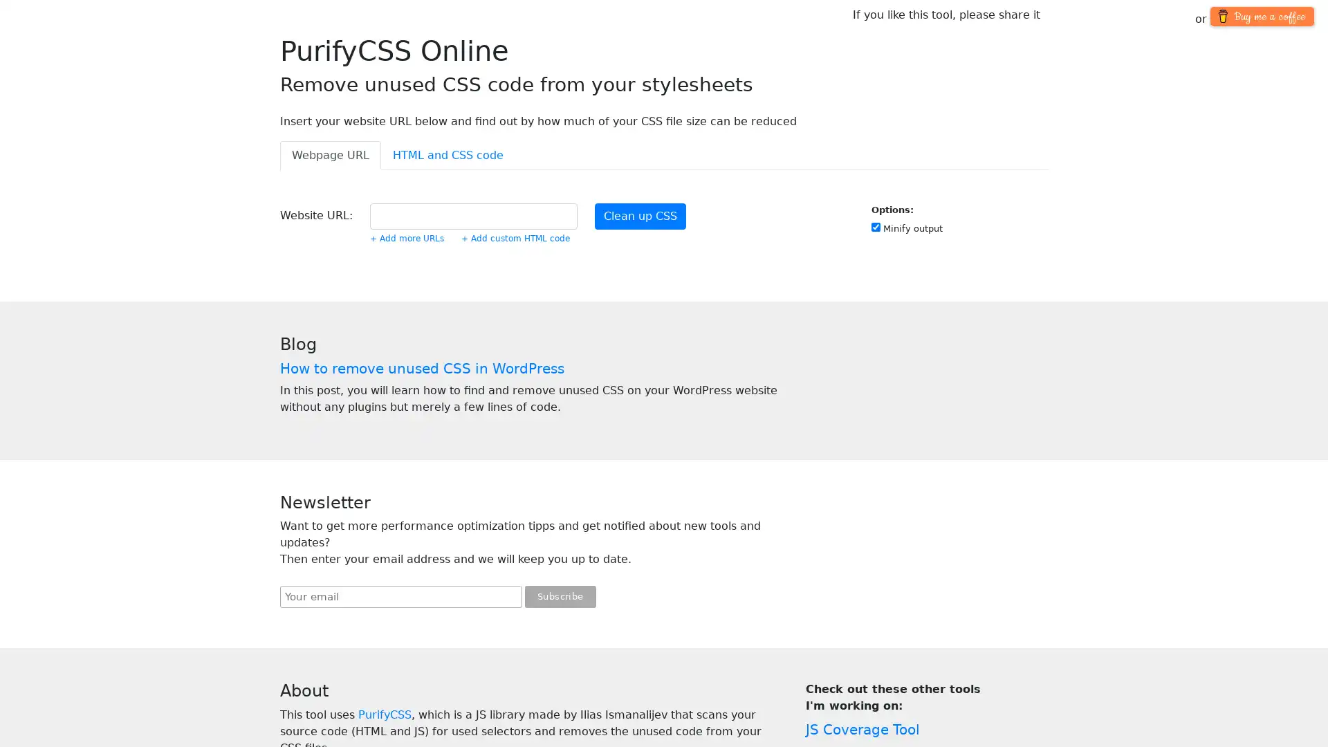 The image size is (1328, 747). I want to click on Clean up CSS, so click(640, 216).